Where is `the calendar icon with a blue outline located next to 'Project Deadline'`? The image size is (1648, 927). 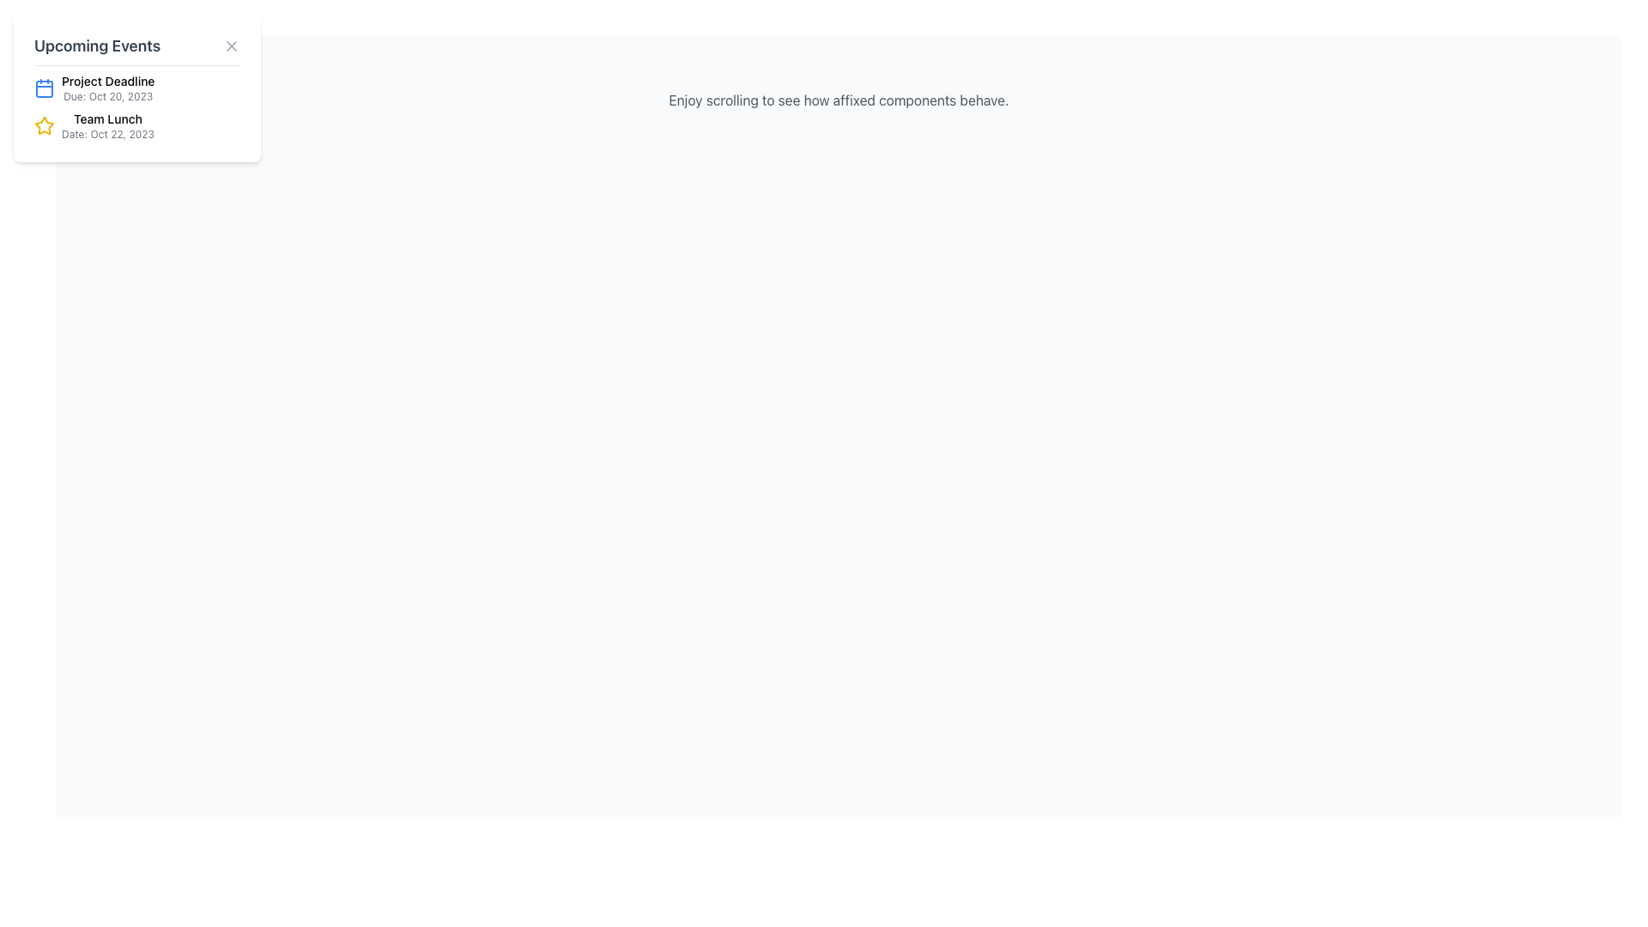 the calendar icon with a blue outline located next to 'Project Deadline' is located at coordinates (45, 88).